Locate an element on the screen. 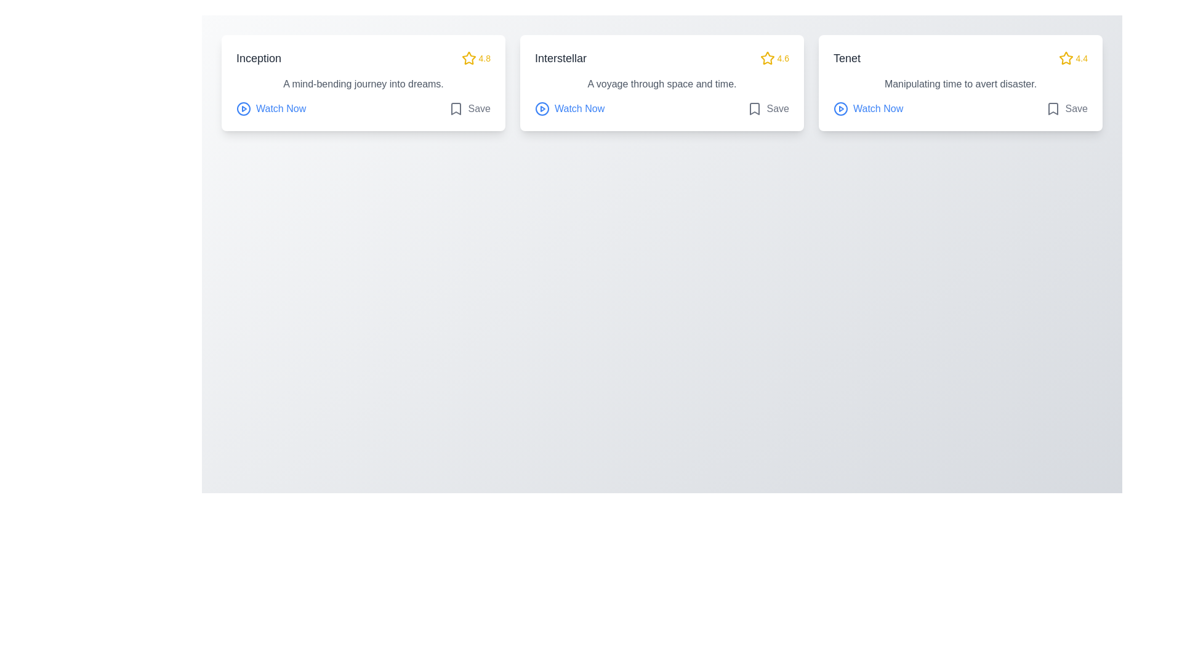 The height and width of the screenshot is (665, 1182). text label displaying 'Interstellar' in bold, dark gray font at the top of the card layout is located at coordinates (560, 58).